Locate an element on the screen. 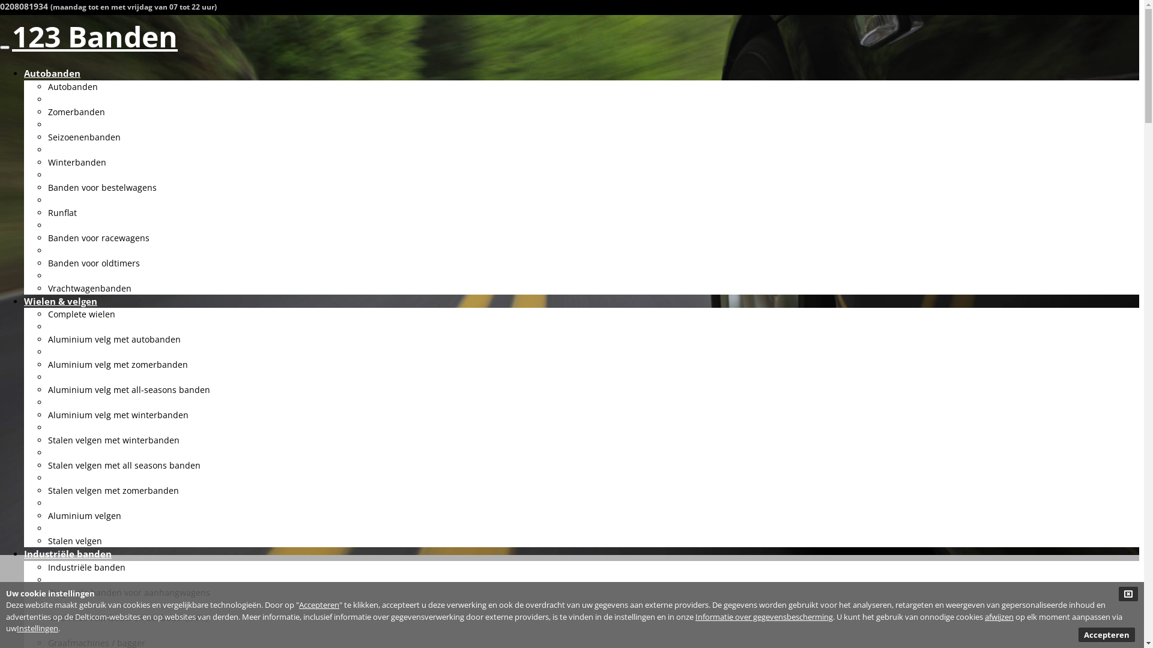 The width and height of the screenshot is (1153, 648). 'Stalen velgen met all seasons banden' is located at coordinates (124, 464).